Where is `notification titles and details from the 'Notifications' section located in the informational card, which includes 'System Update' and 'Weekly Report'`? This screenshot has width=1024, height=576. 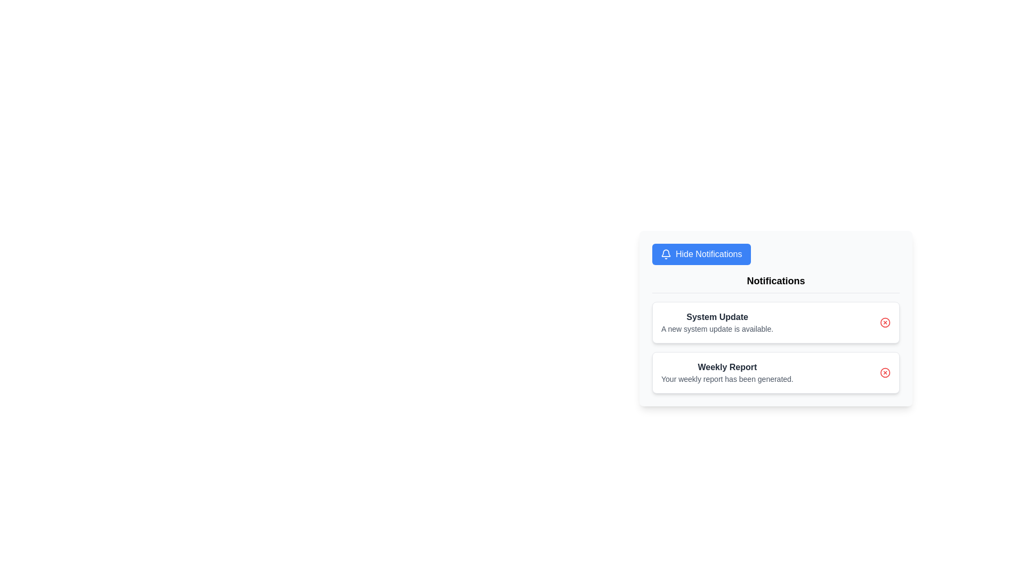 notification titles and details from the 'Notifications' section located in the informational card, which includes 'System Update' and 'Weekly Report' is located at coordinates (775, 333).